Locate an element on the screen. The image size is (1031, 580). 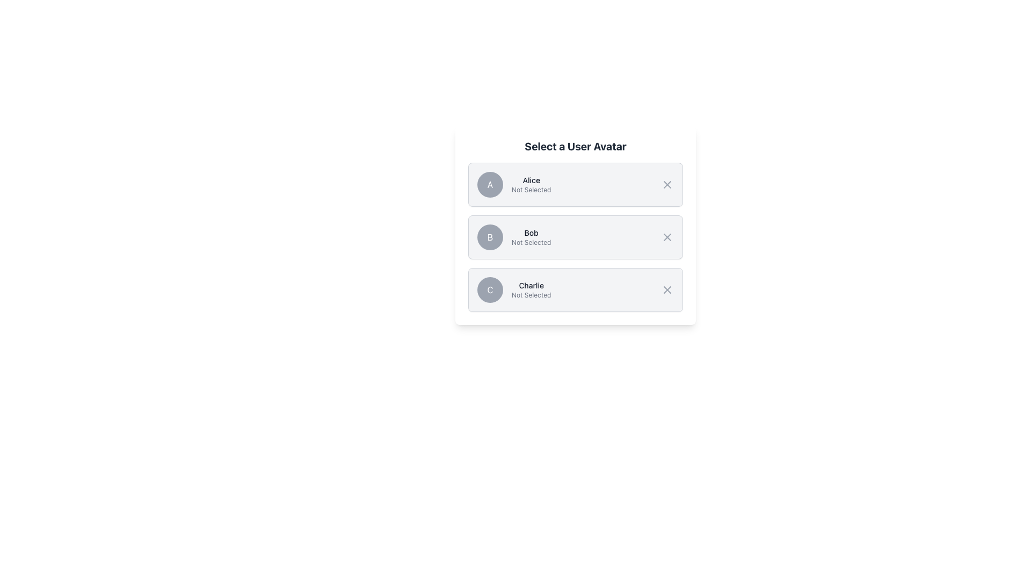
the second user selection list item displaying user details between 'Alice' and 'Charlie' is located at coordinates (575, 237).